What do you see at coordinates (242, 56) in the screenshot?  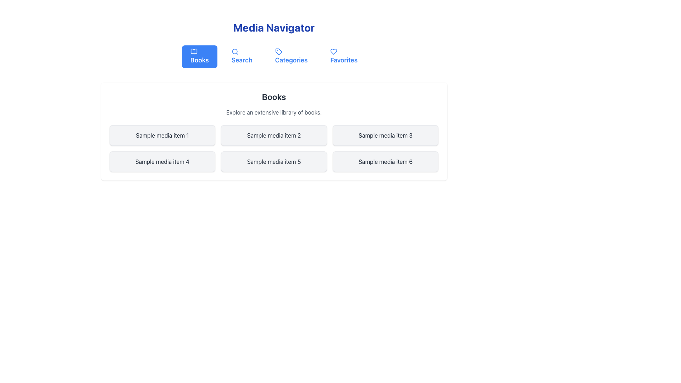 I see `the 'Search' button located in the navigation menu, which is styled in blue with a magnifying glass icon to its left` at bounding box center [242, 56].